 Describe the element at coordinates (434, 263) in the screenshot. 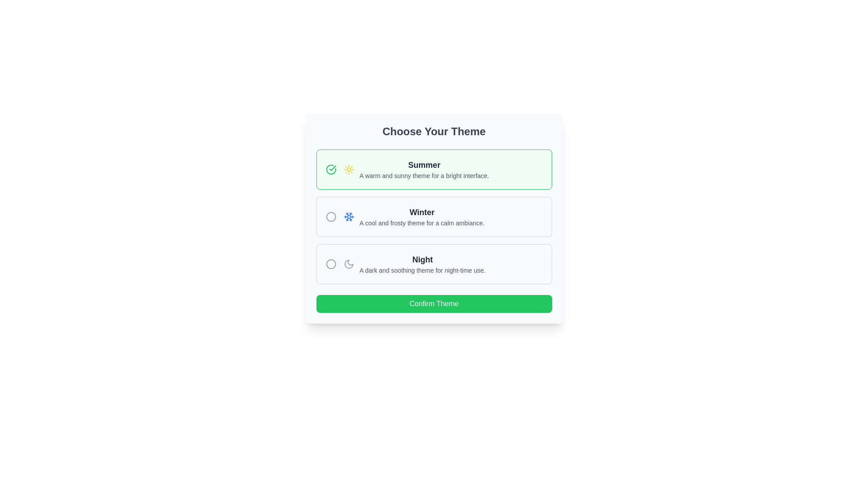

I see `the selectable card for the 'Night' theme, which is the last option in the vertical stack of themes` at that location.